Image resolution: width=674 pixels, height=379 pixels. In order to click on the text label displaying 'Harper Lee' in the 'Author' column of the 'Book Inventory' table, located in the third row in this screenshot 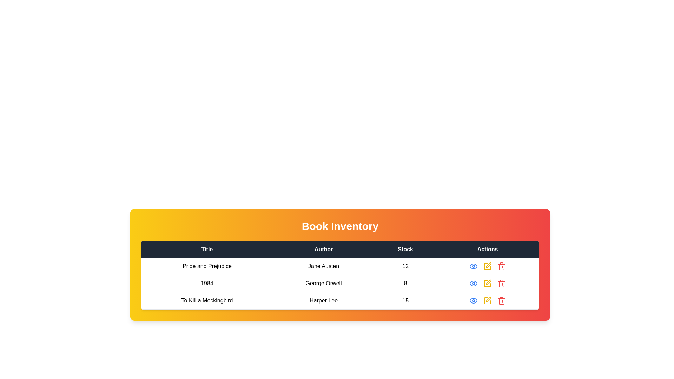, I will do `click(323, 300)`.